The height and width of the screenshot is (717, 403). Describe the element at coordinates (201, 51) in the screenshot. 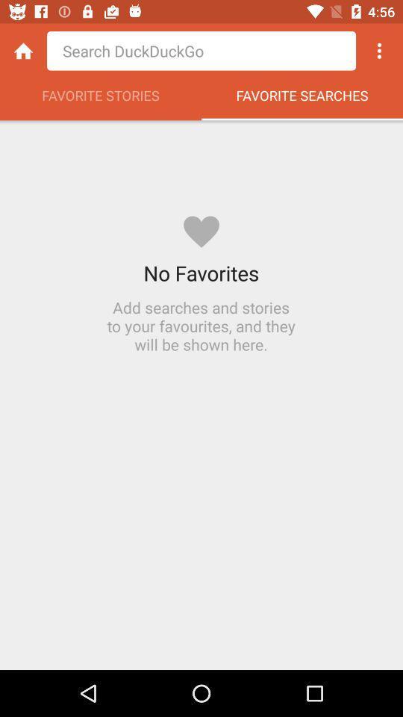

I see `search bar` at that location.